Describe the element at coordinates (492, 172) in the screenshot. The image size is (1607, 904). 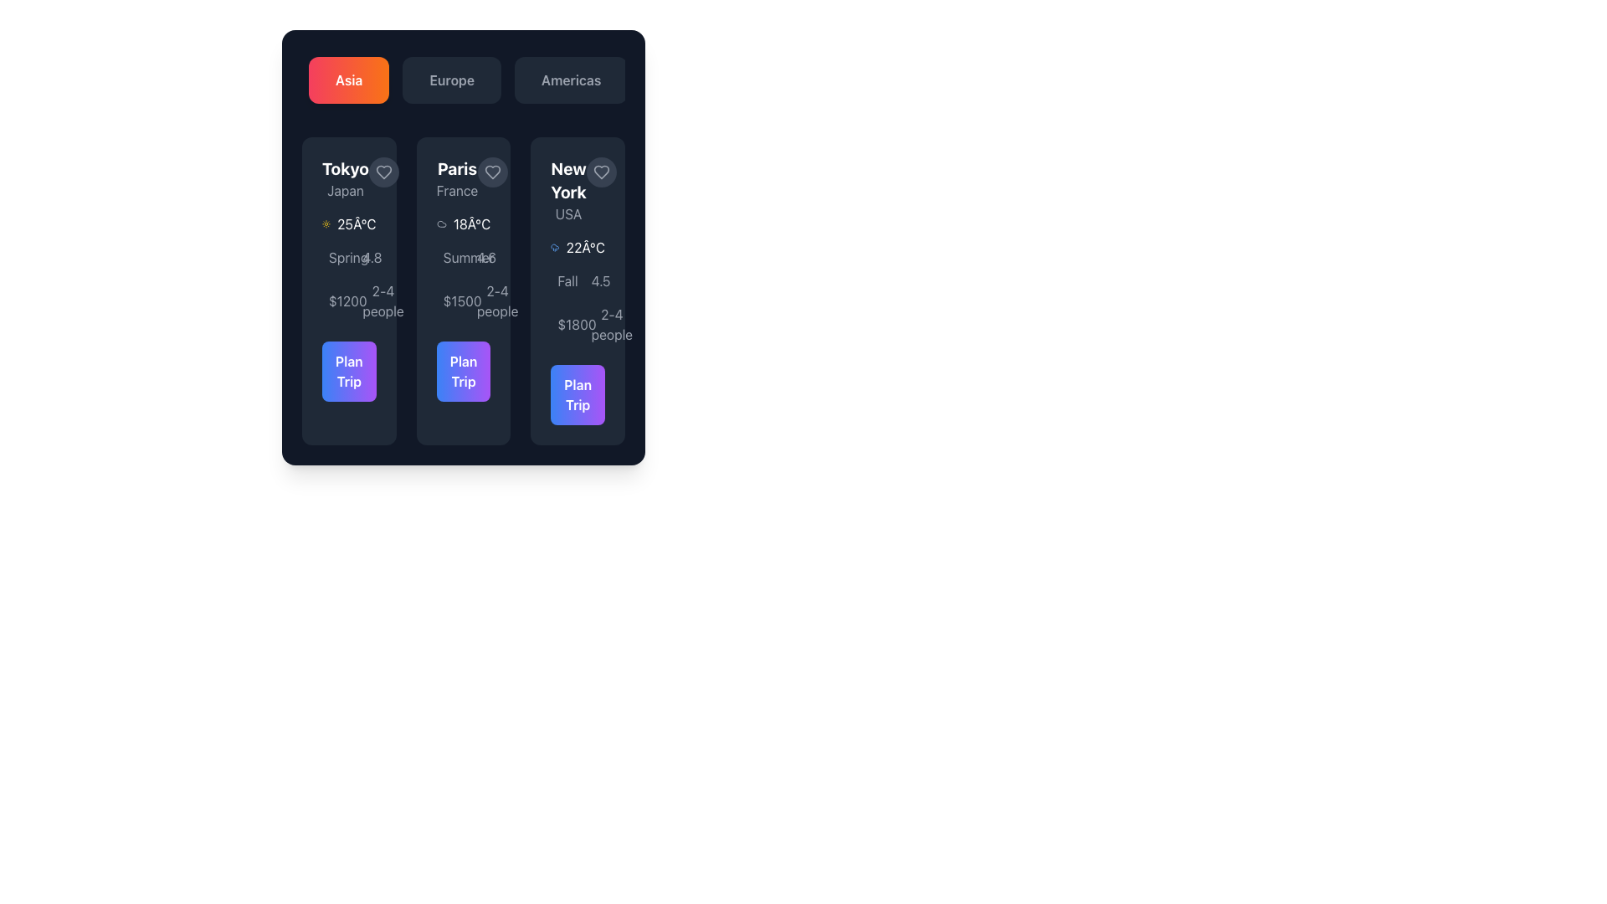
I see `the circular interactive button with a dark gray background and light gray heart icon at the top-right corner of the 'Paris' card` at that location.